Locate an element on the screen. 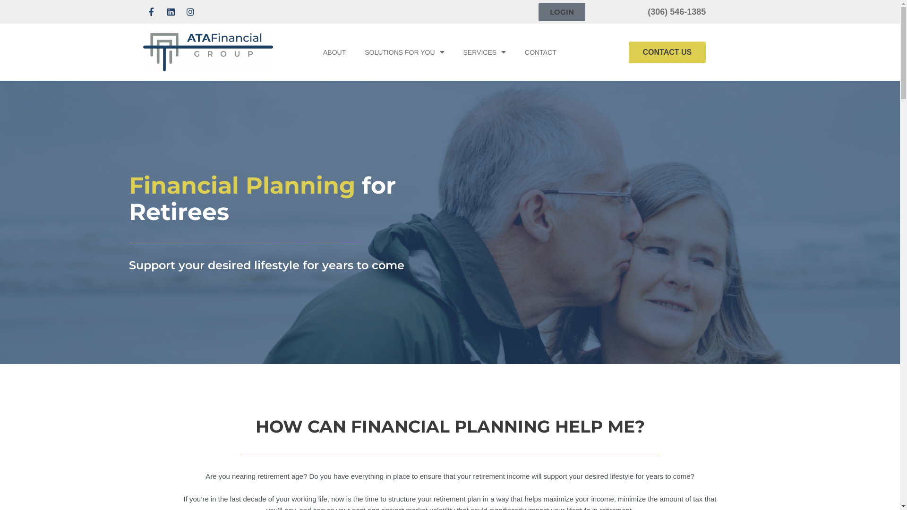 The width and height of the screenshot is (907, 510). '(306) 546-1385' is located at coordinates (676, 11).